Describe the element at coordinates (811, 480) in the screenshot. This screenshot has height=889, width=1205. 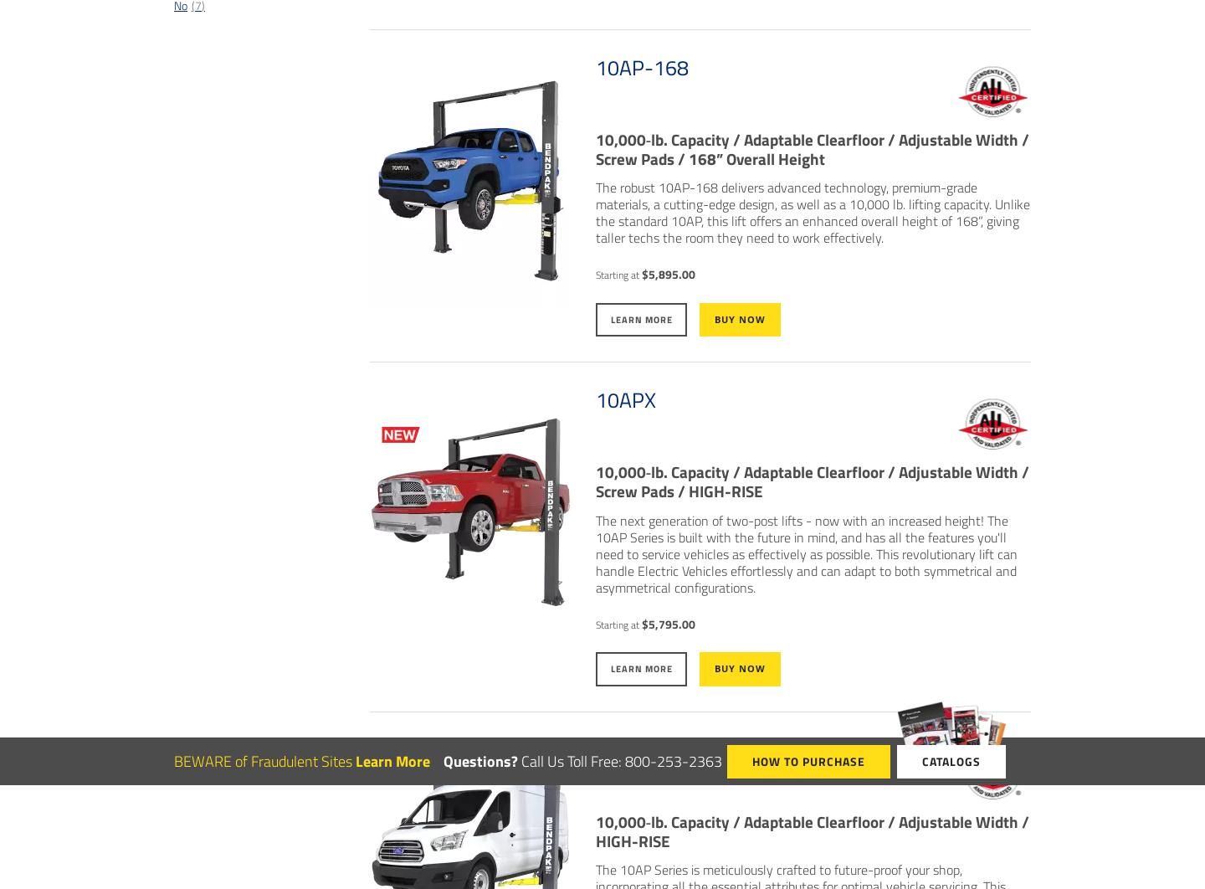
I see `'10,000‐lb. Capacity / Adaptable Clearfloor / Adjustable Width / Screw Pads / HIGH-RISE'` at that location.